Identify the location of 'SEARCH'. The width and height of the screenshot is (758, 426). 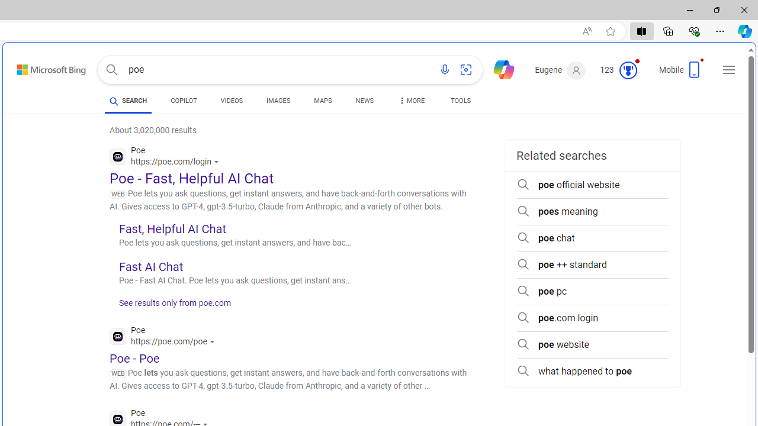
(128, 100).